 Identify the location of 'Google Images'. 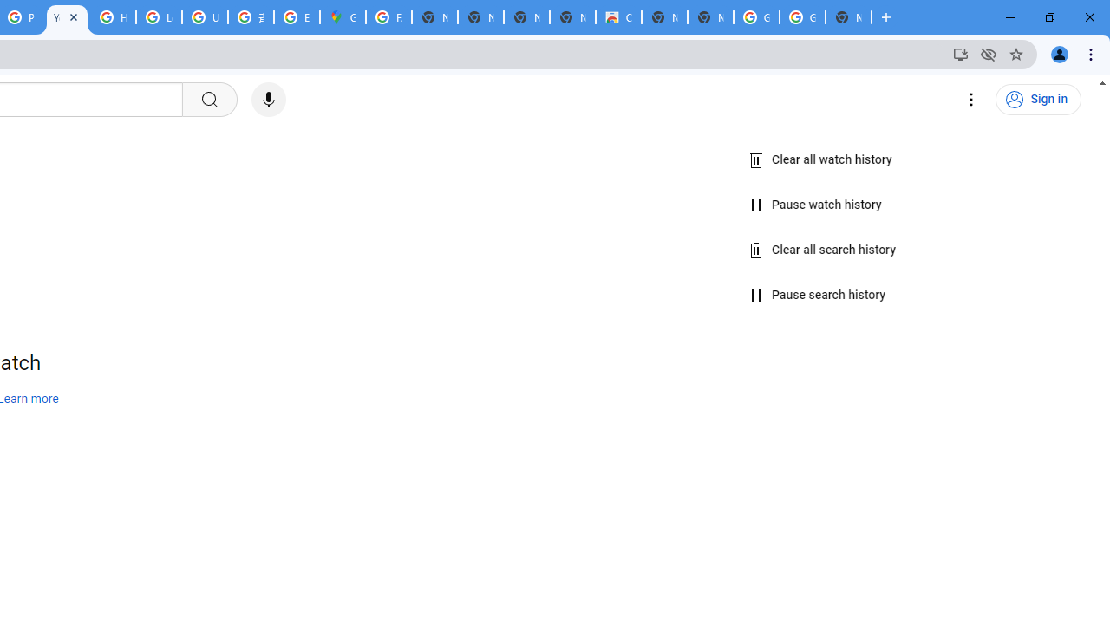
(801, 17).